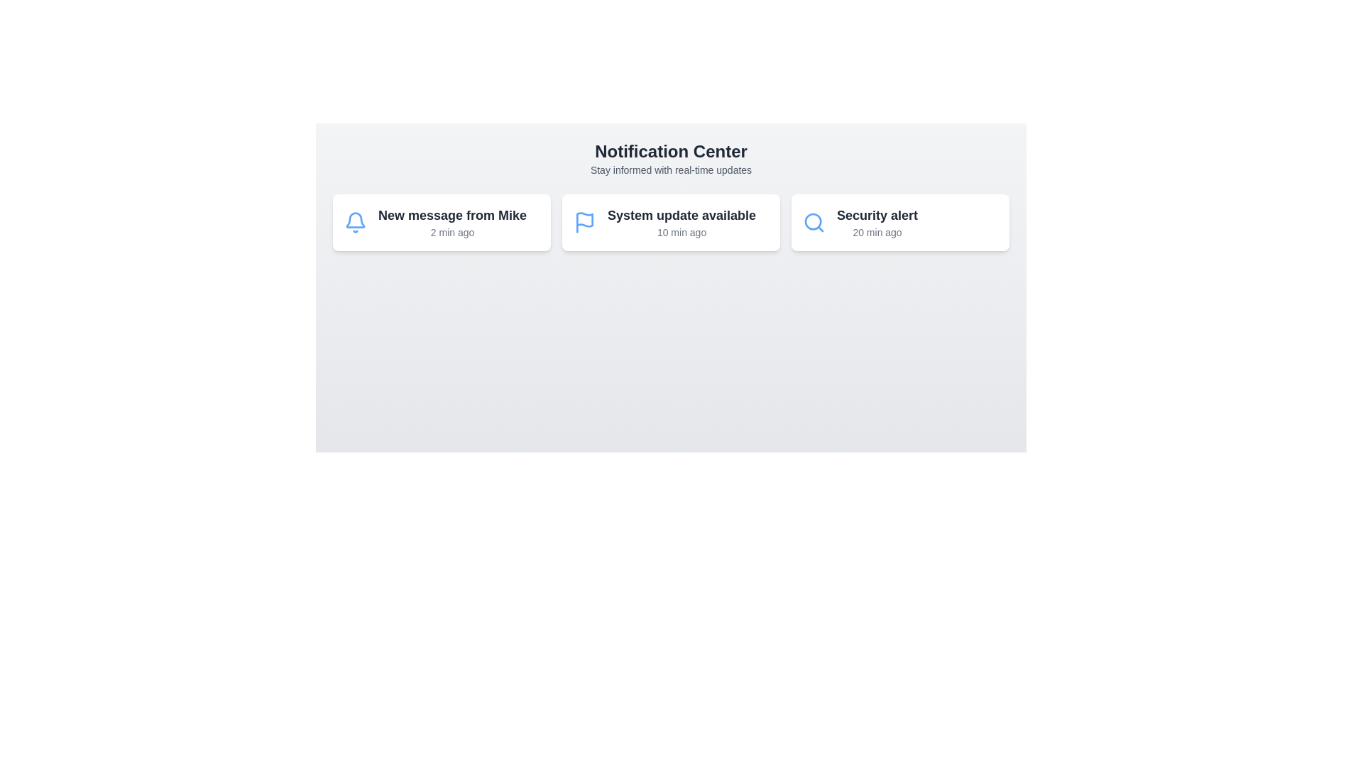  What do you see at coordinates (670, 169) in the screenshot?
I see `the text element that reads 'Stay informed with real-time updates', which is styled with a small gray font and positioned below the 'Notification Center' heading` at bounding box center [670, 169].